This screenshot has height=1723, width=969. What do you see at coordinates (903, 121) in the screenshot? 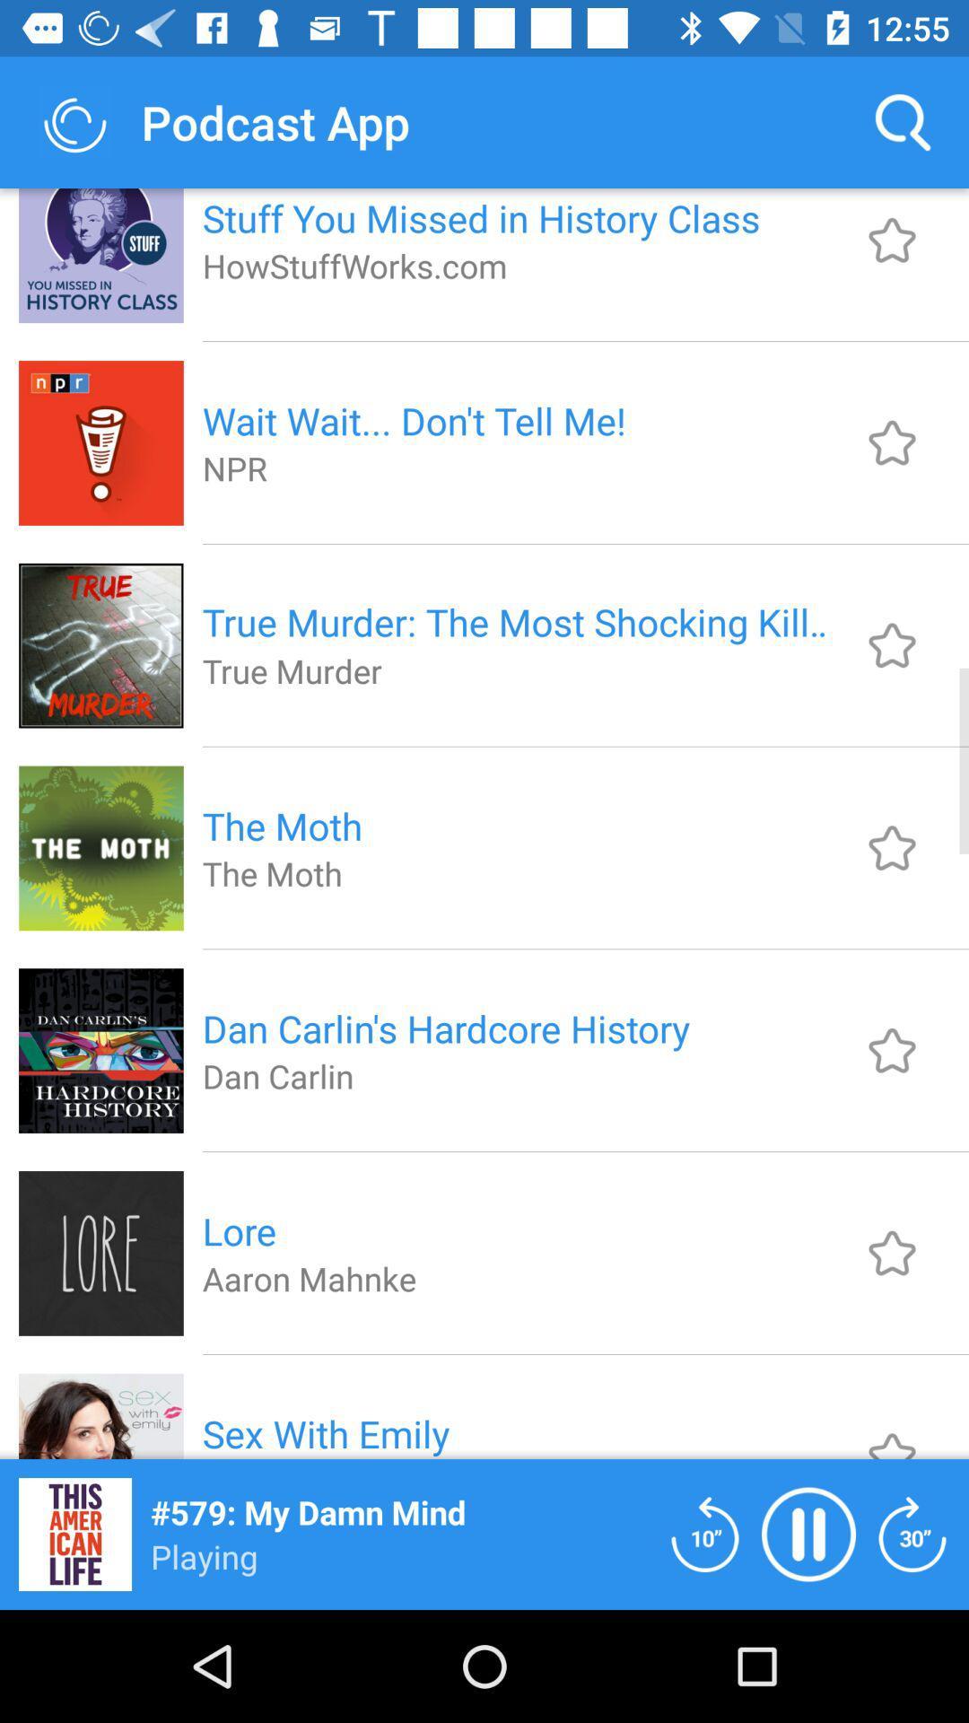
I see `the item next to stuff you missed item` at bounding box center [903, 121].